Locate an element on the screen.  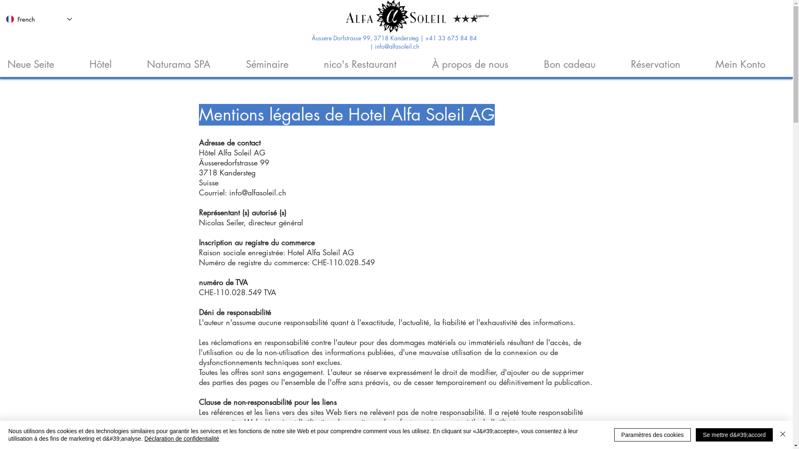
'nico's Restaurant' is located at coordinates (370, 60).